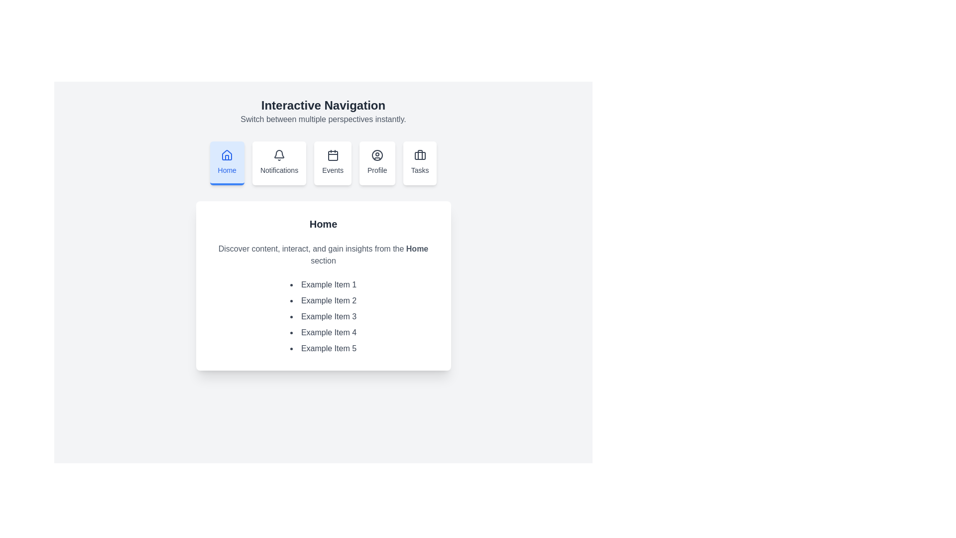 The height and width of the screenshot is (538, 956). What do you see at coordinates (420, 170) in the screenshot?
I see `text label that identifies the navigation button for accessing the 'Tasks' section, located at the bottom of the button in the top navigation area` at bounding box center [420, 170].